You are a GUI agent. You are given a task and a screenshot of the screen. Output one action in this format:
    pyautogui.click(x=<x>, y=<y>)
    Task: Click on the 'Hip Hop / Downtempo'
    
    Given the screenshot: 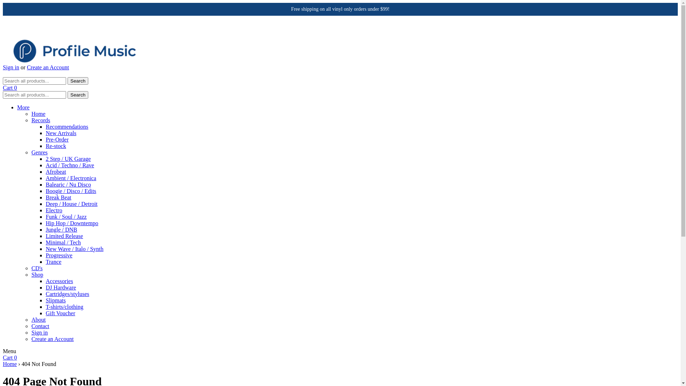 What is the action you would take?
    pyautogui.click(x=72, y=223)
    